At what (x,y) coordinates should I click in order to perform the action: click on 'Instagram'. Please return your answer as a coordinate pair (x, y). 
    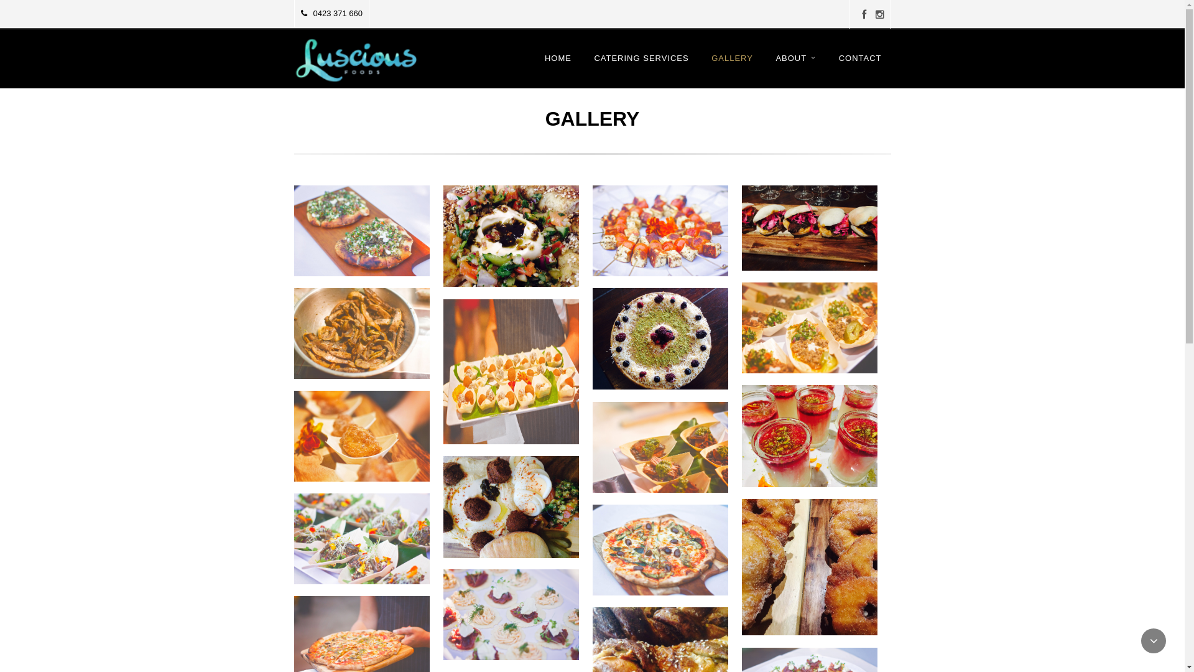
    Looking at the image, I should click on (879, 14).